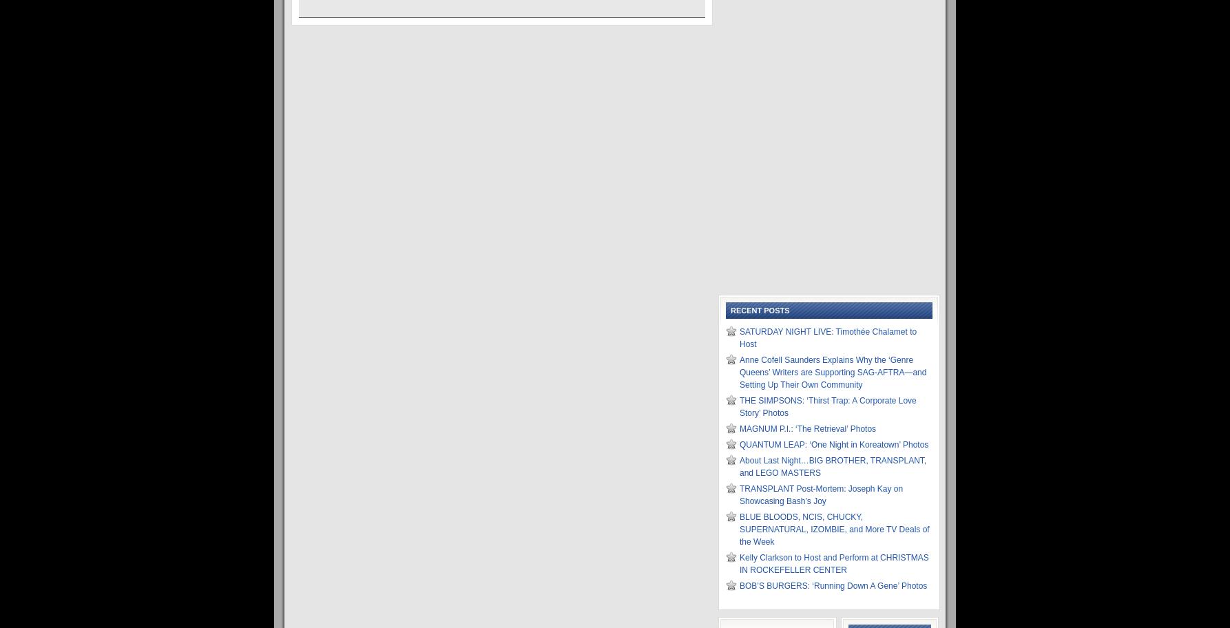 The width and height of the screenshot is (1230, 628). What do you see at coordinates (834, 529) in the screenshot?
I see `'BLUE BLOODS, NCIS, CHUCKY, SUPERNATURAL, IZOMBIE, and More TV Deals of the Week'` at bounding box center [834, 529].